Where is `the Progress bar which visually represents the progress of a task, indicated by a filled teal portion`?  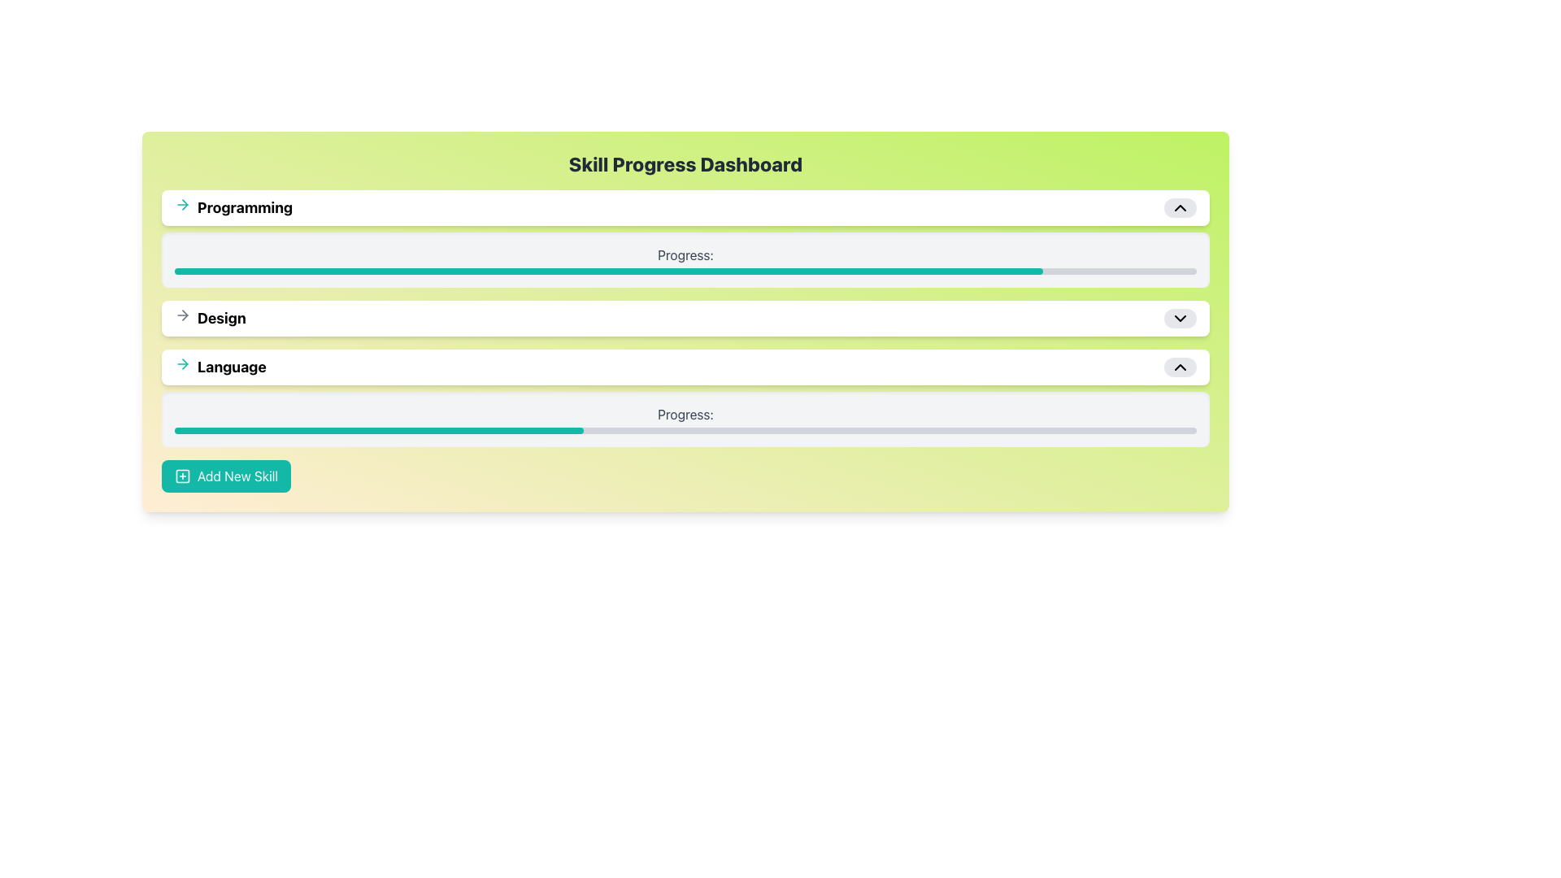
the Progress bar which visually represents the progress of a task, indicated by a filled teal portion is located at coordinates (685, 429).